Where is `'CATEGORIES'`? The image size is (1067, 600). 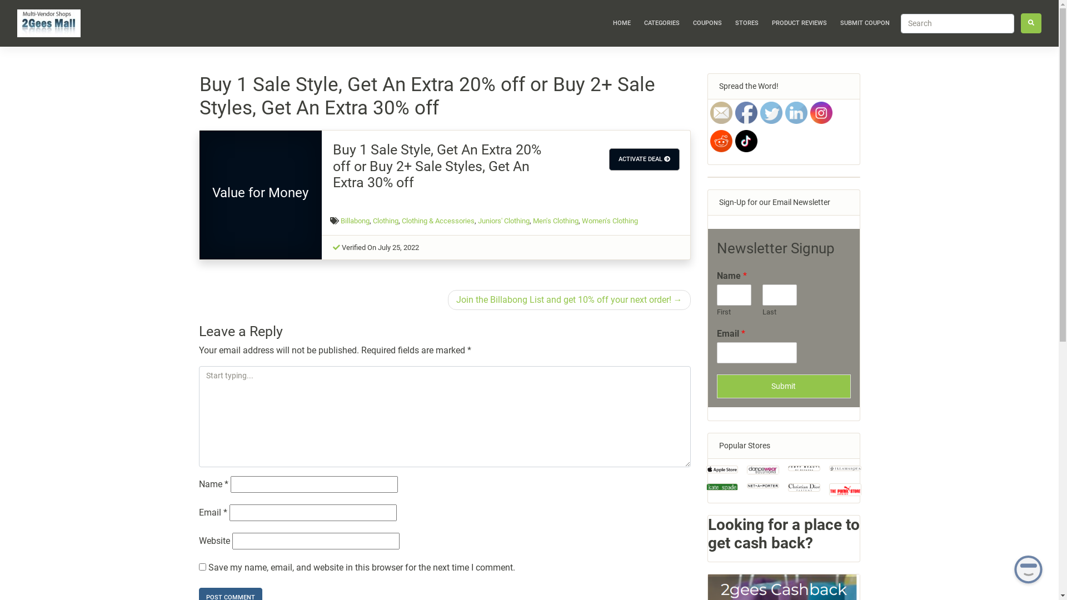 'CATEGORIES' is located at coordinates (661, 23).